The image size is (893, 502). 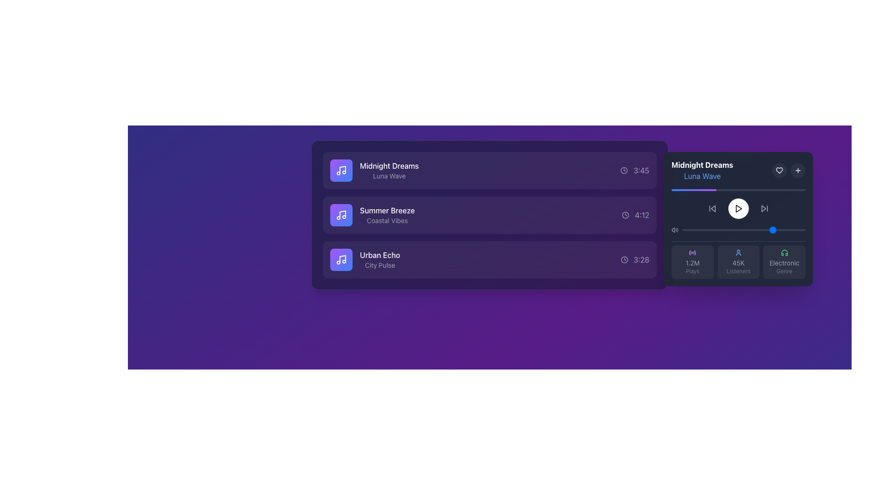 What do you see at coordinates (389, 170) in the screenshot?
I see `the text label pair displaying 'Midnight Dreams' and 'Luna Wave' in the left panel of the song list, which is on a purple background` at bounding box center [389, 170].